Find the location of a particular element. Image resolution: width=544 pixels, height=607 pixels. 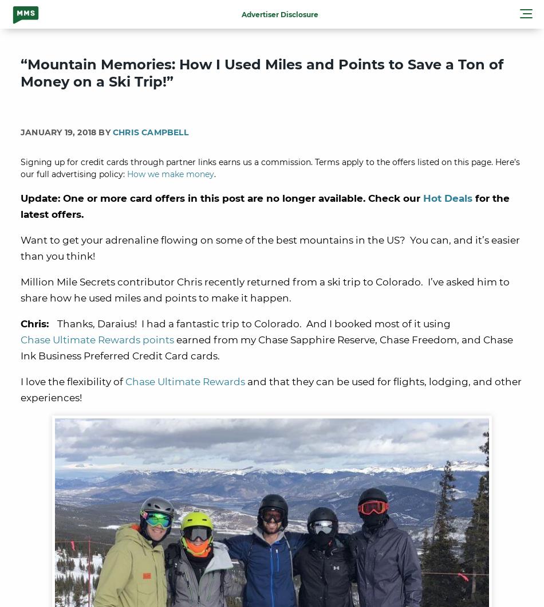

'.' is located at coordinates (214, 174).